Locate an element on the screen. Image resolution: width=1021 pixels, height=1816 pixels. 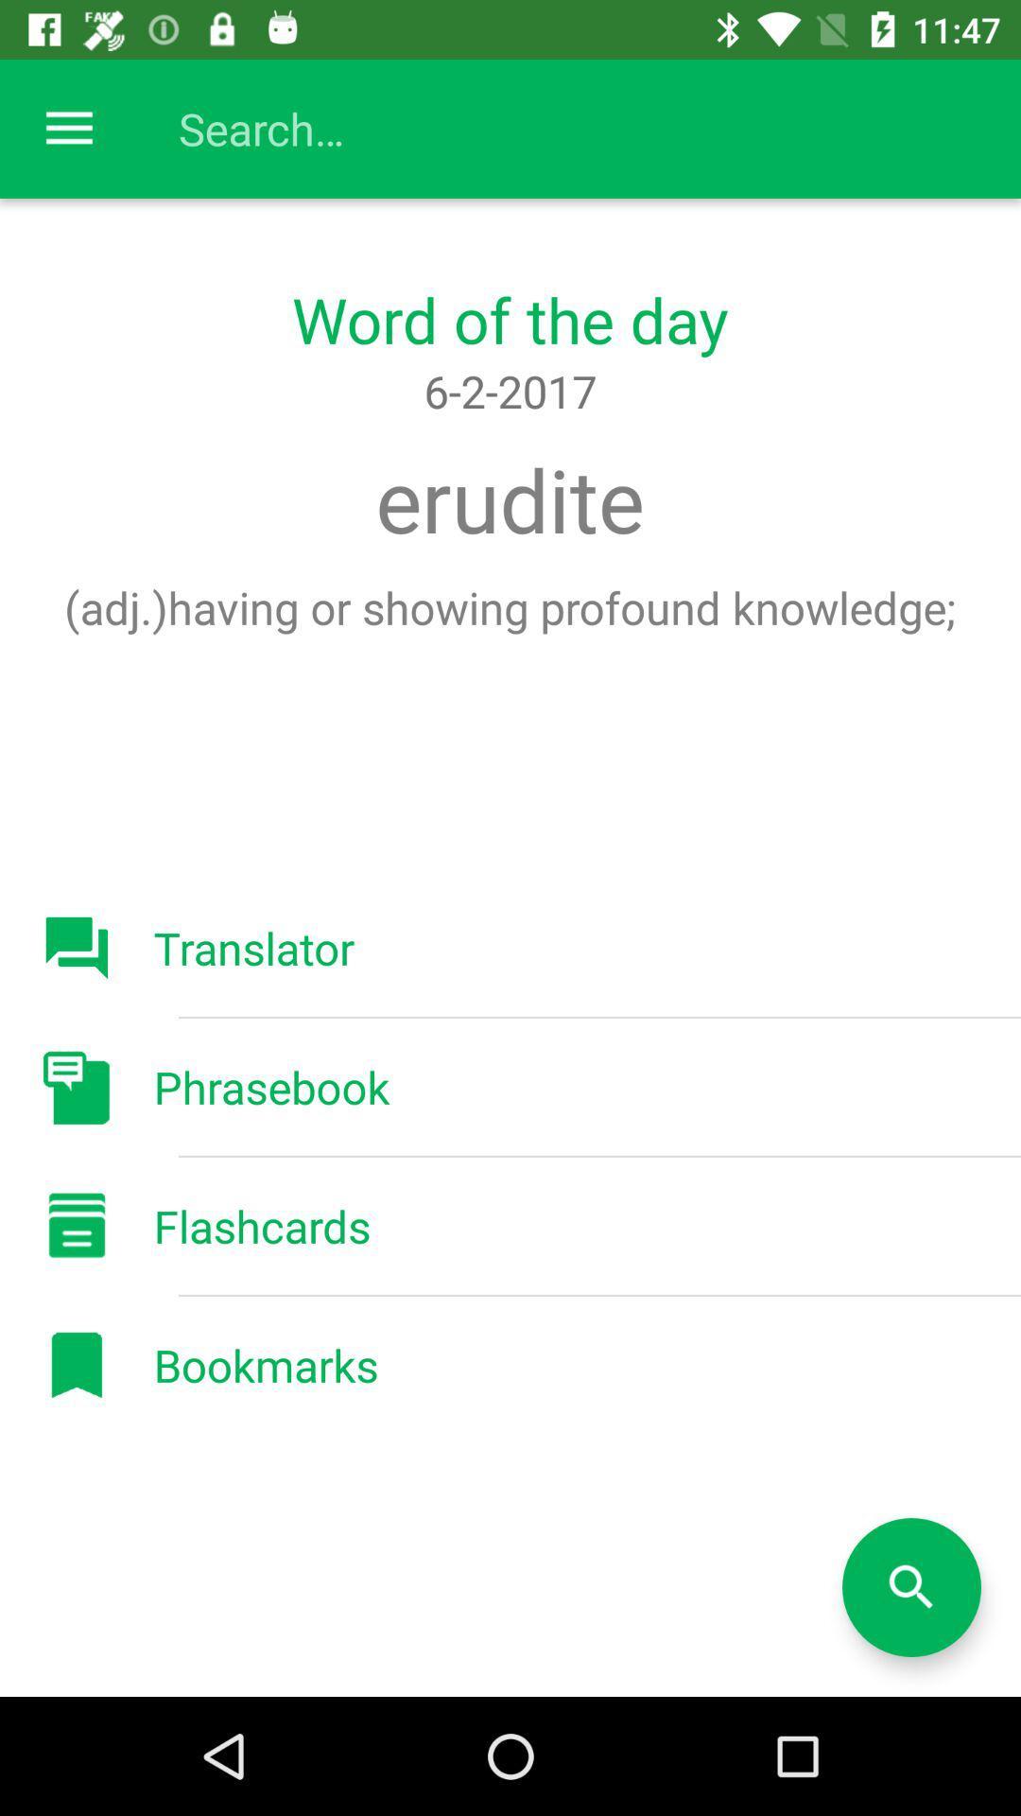
icon below 6 icon is located at coordinates (509, 499).